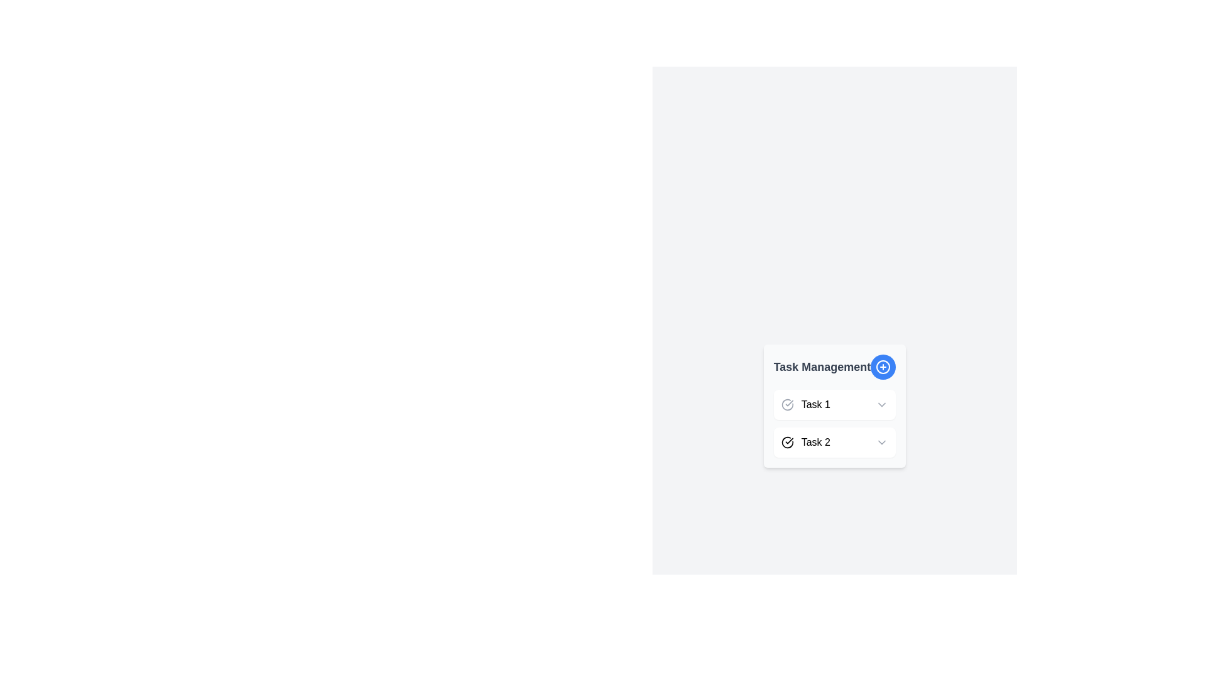 This screenshot has width=1207, height=679. What do you see at coordinates (881, 405) in the screenshot?
I see `the chevron button located on the right-hand side of the 'Task 1' text` at bounding box center [881, 405].